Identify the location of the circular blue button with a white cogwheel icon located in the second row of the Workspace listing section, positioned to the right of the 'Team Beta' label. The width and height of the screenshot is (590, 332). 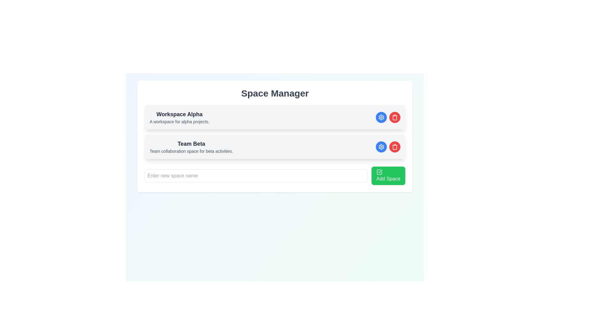
(381, 147).